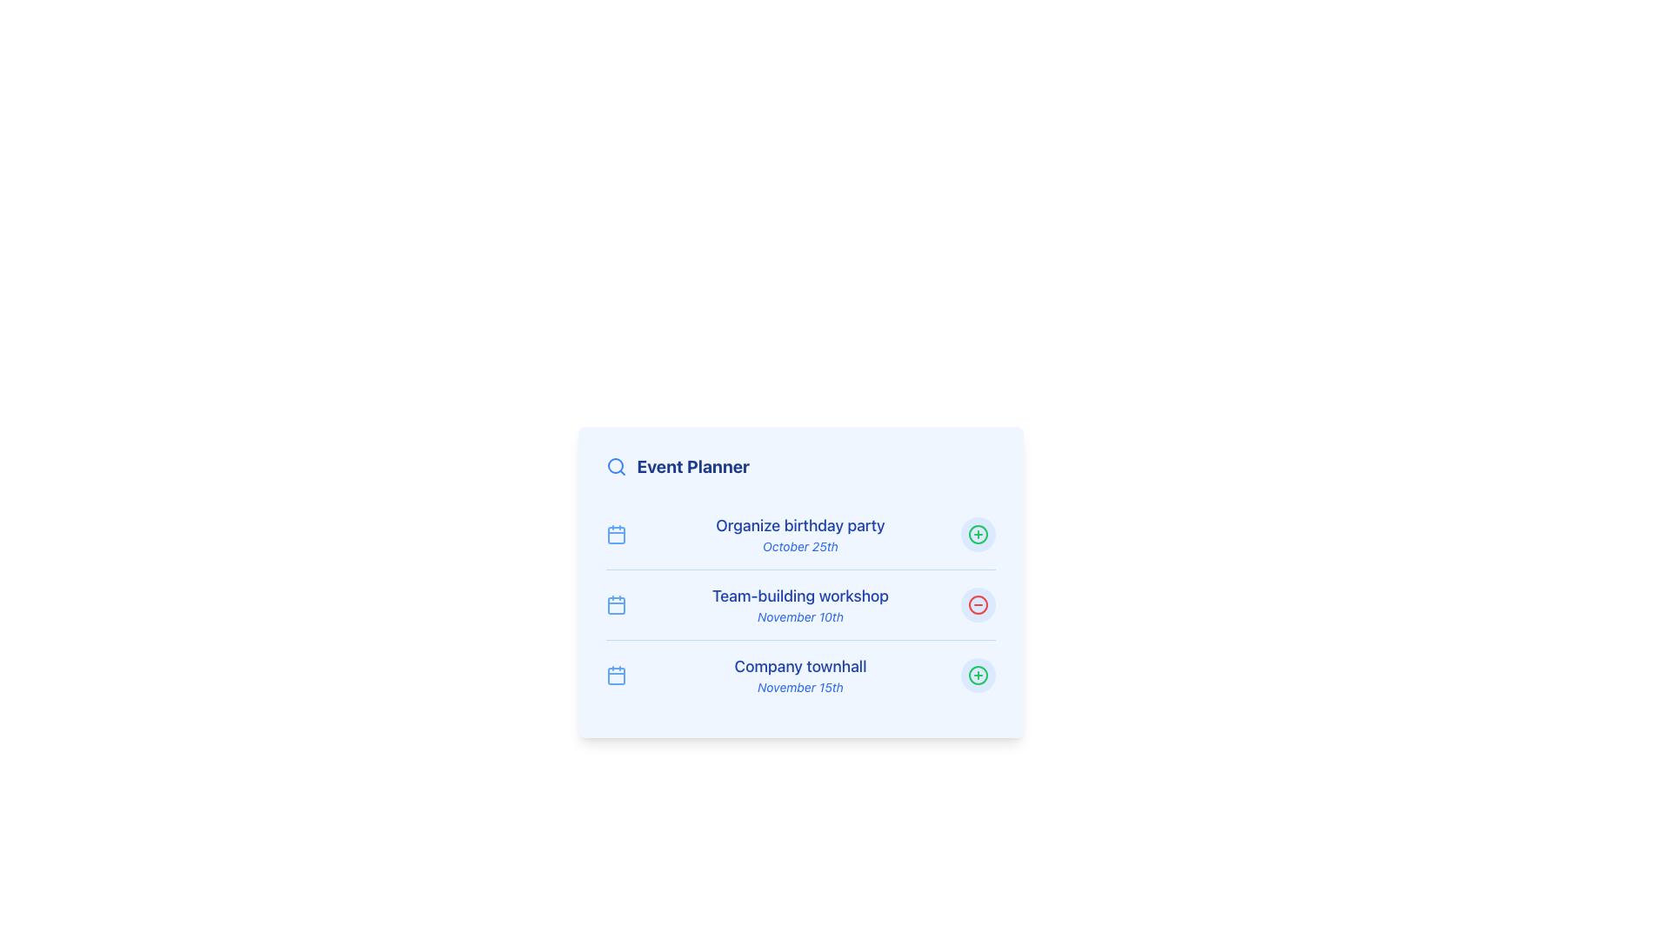 The height and width of the screenshot is (939, 1670). What do you see at coordinates (799, 666) in the screenshot?
I see `text label that serves as the title for the event entry, which states 'Company townhall'` at bounding box center [799, 666].